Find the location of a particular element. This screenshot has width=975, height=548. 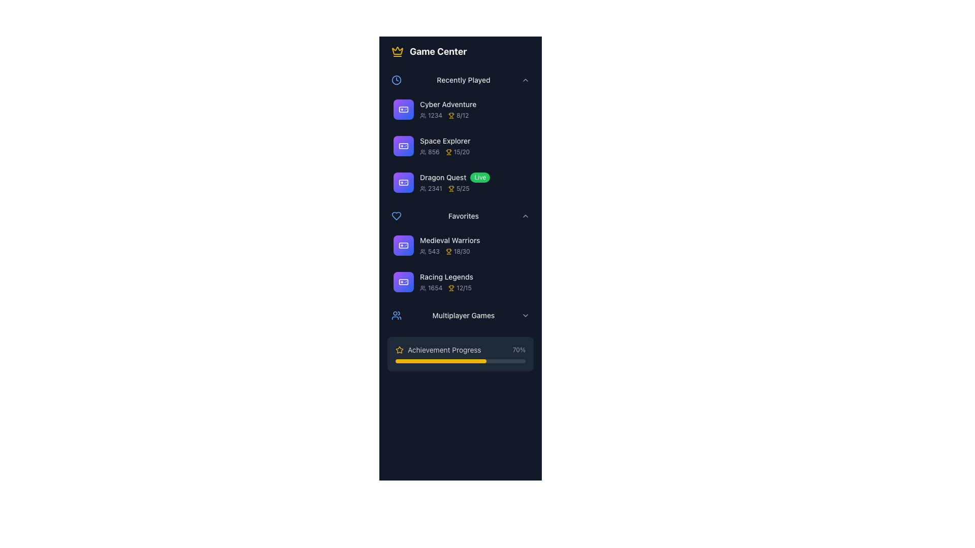

the composite UI element displaying game-specific details about users and completion progress located in the 'Racing Legends' section is located at coordinates (473, 288).